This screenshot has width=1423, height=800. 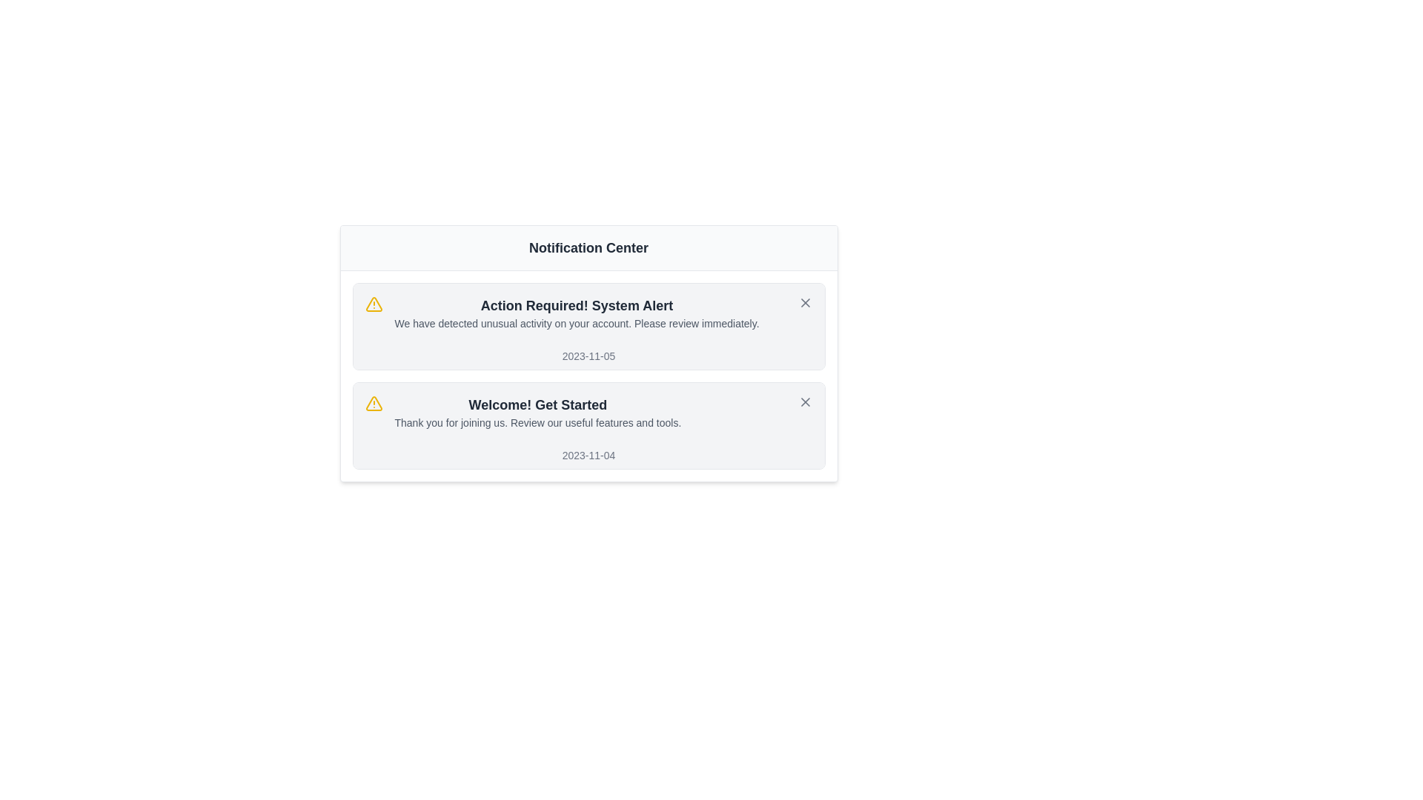 I want to click on the equilateral triangle icon with a yellow border and a white background, featuring a centrally aligned yellow exclamation mark, located in the leftmost section of the 'Welcome! Get Started' notification, so click(x=374, y=303).